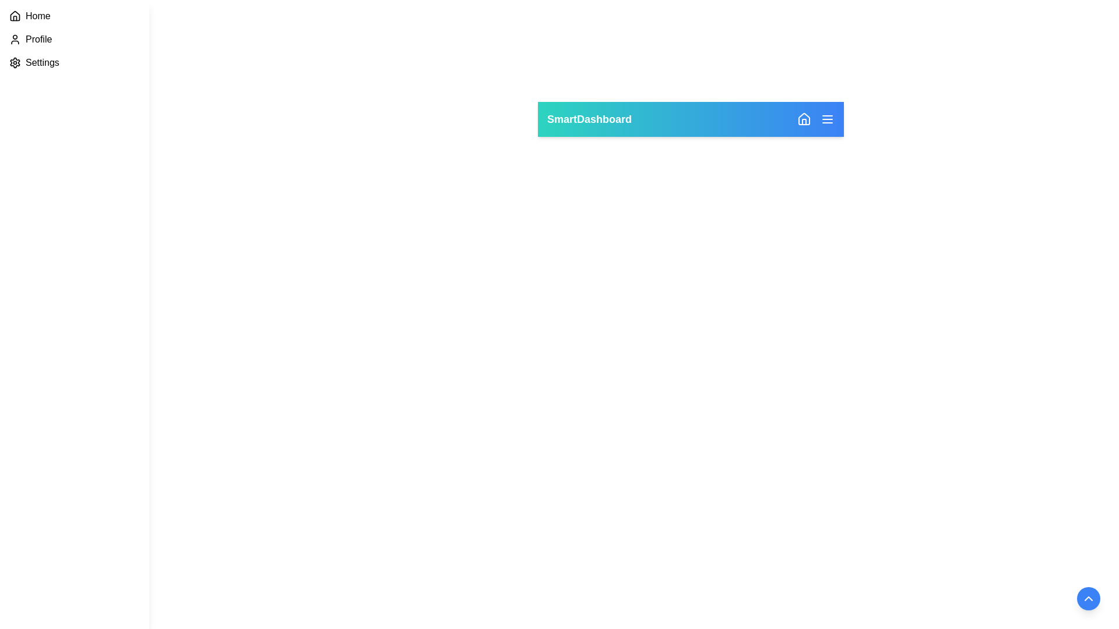 Image resolution: width=1119 pixels, height=629 pixels. Describe the element at coordinates (15, 63) in the screenshot. I see `the gear icon located as the third entry in the vertical navigation menu labeled 'Settings'` at that location.